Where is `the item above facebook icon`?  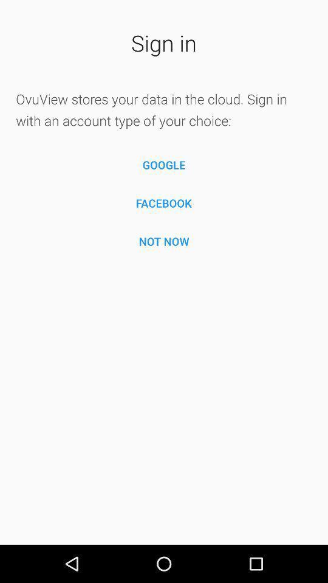 the item above facebook icon is located at coordinates (164, 164).